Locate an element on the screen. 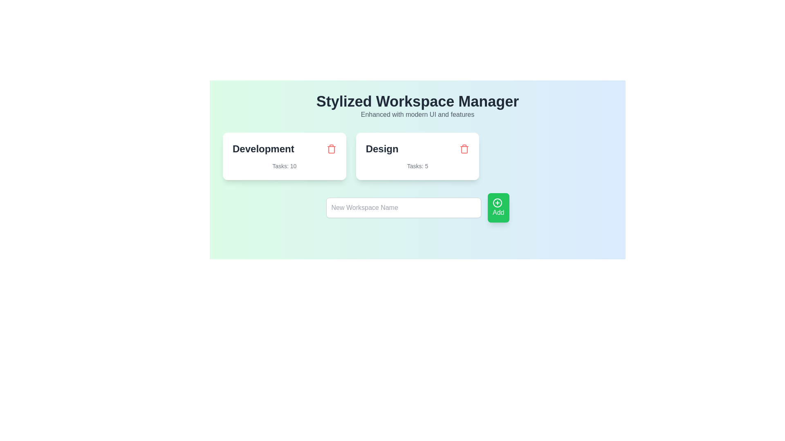 The width and height of the screenshot is (785, 441). the decorative delete/trash icon located in the top-right corner of the card beneath the 'Design' section is located at coordinates (464, 149).